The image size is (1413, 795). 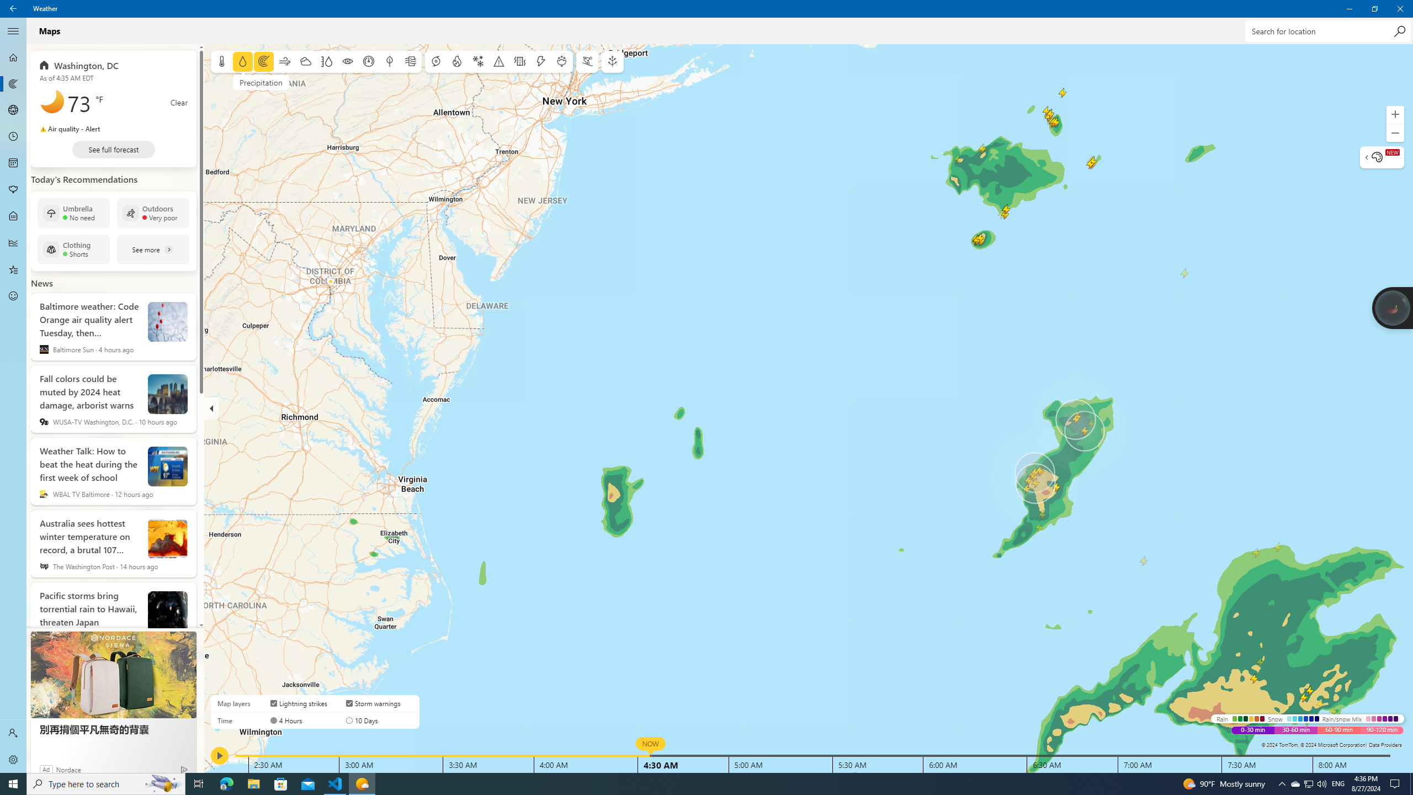 What do you see at coordinates (13, 162) in the screenshot?
I see `'Monthly Forecast - Not Selected'` at bounding box center [13, 162].